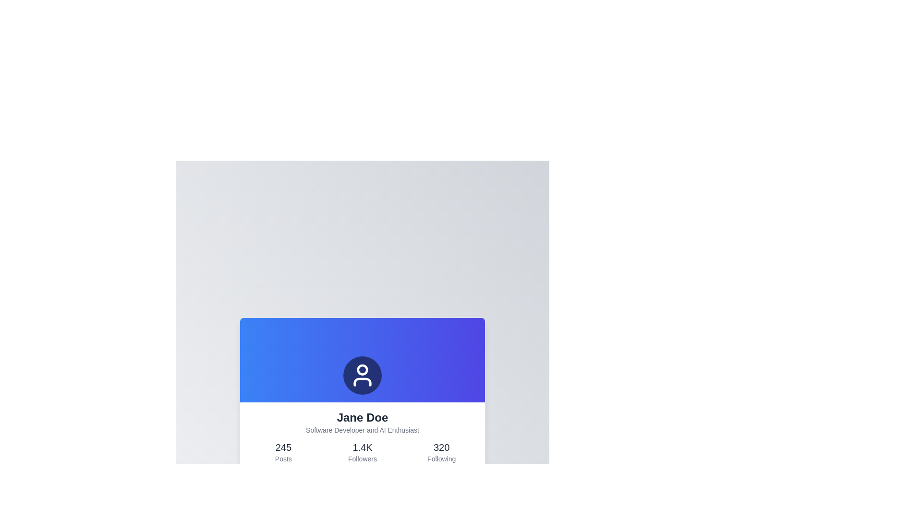 The height and width of the screenshot is (518, 922). What do you see at coordinates (283, 458) in the screenshot?
I see `the text label displaying 'Posts' in a small gray font, located below the number '245' in the lower-left section of a profile card` at bounding box center [283, 458].